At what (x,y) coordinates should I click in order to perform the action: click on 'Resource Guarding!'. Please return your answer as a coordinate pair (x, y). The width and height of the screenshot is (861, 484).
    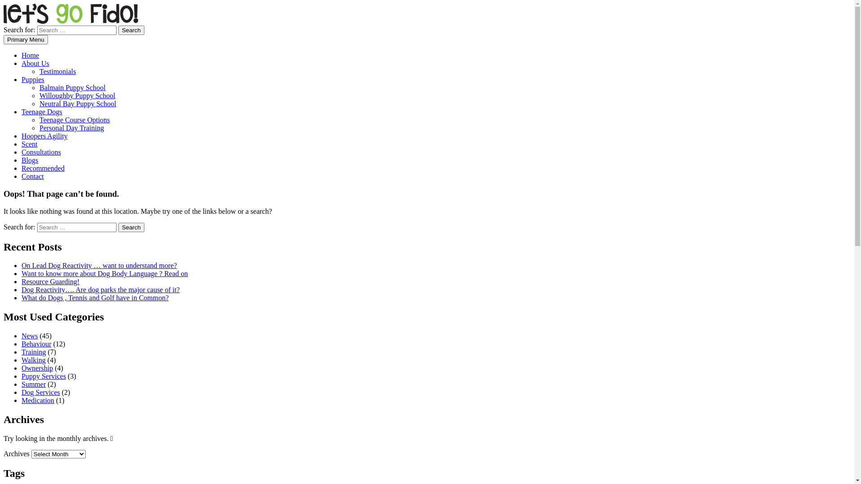
    Looking at the image, I should click on (22, 281).